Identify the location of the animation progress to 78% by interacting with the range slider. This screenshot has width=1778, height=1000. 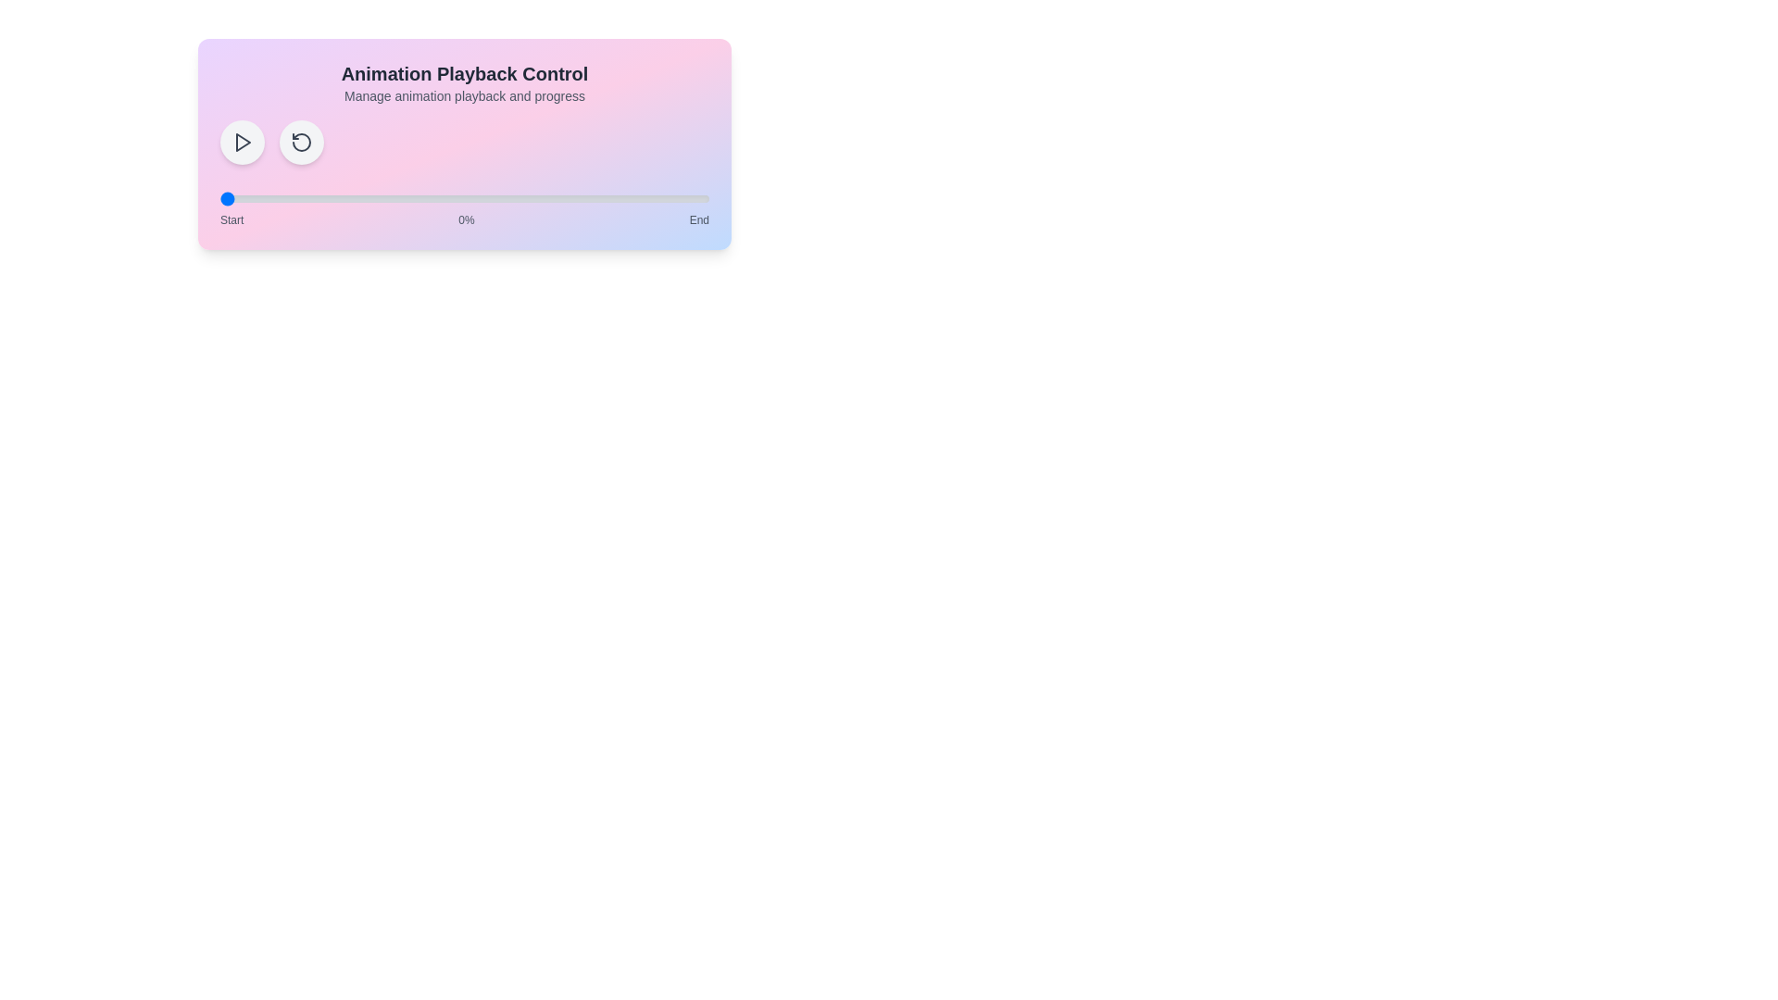
(601, 199).